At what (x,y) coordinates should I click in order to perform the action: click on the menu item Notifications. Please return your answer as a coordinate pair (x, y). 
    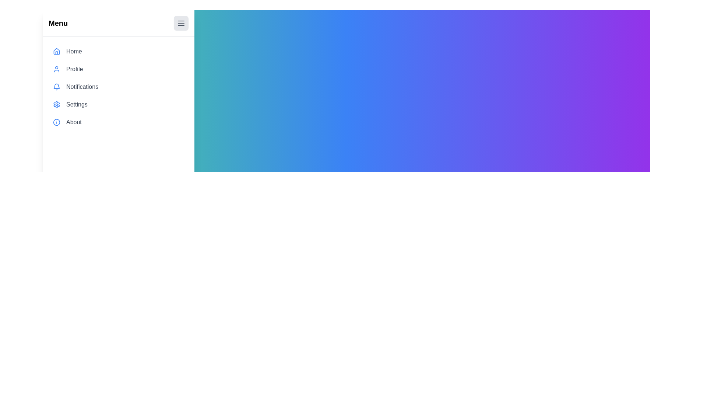
    Looking at the image, I should click on (119, 86).